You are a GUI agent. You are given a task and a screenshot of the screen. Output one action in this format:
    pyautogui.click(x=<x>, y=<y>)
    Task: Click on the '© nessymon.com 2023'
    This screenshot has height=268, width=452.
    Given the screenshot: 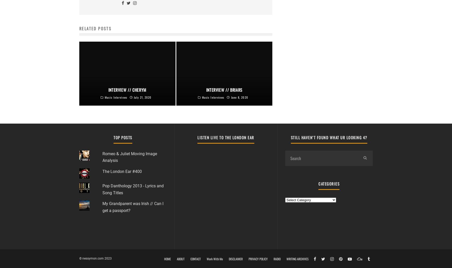 What is the action you would take?
    pyautogui.click(x=95, y=258)
    